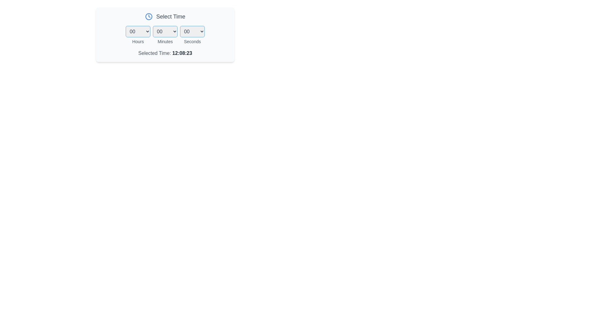  I want to click on a value from the dropdown menu displaying '00', which is the second dropdown box under the 'Minutes' label, so click(165, 35).